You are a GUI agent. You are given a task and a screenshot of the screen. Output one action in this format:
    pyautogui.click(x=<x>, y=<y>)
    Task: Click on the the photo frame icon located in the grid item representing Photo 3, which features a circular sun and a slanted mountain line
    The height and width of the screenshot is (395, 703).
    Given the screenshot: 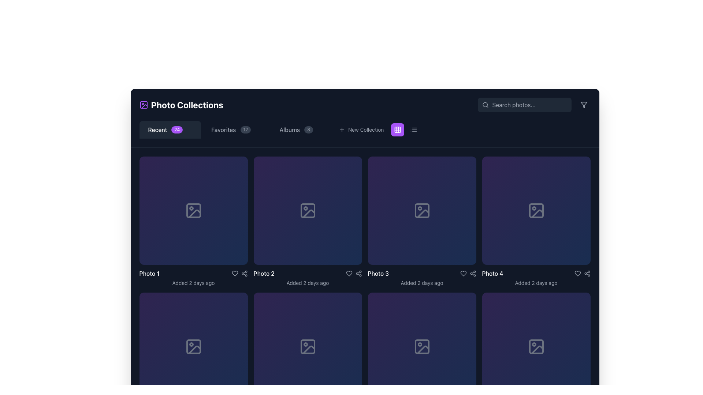 What is the action you would take?
    pyautogui.click(x=422, y=210)
    